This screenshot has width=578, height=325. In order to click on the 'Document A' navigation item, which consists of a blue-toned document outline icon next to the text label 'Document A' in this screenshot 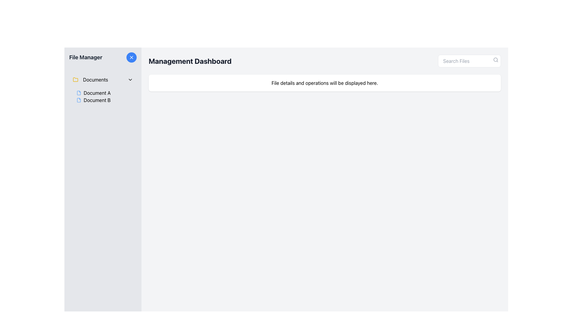, I will do `click(107, 93)`.